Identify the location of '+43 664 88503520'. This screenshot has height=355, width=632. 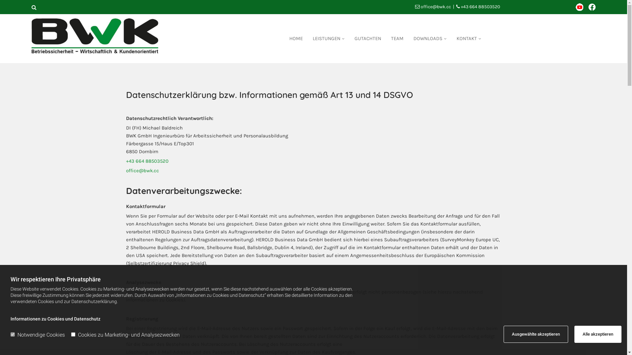
(480, 7).